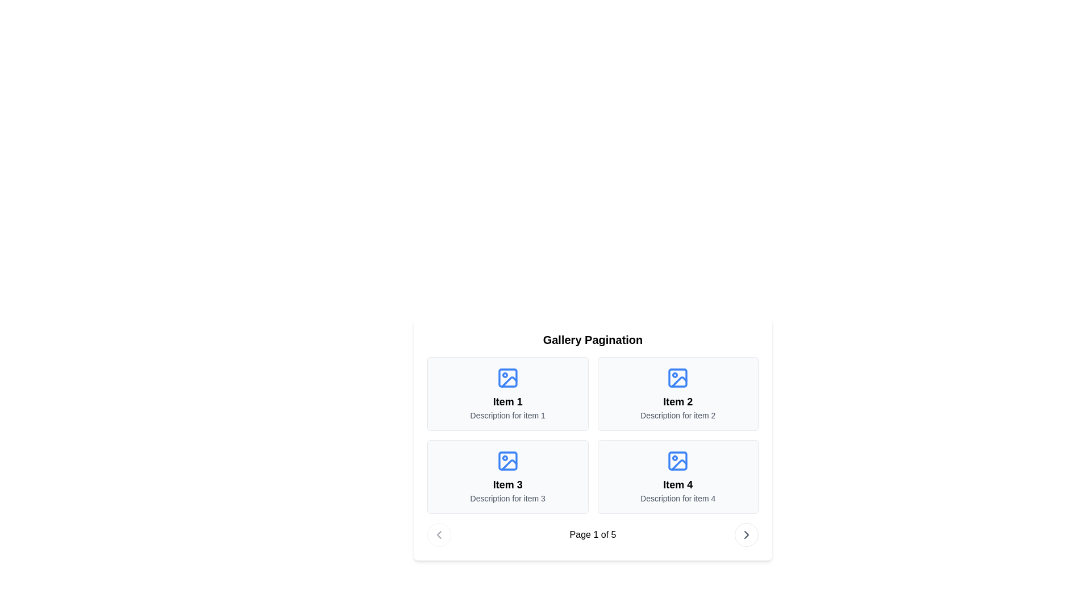 The image size is (1091, 614). Describe the element at coordinates (509, 381) in the screenshot. I see `the decorative visual detail within the first image icon labeled 'Item 1' in the gallery grid, located at the top left of the grid layout` at that location.